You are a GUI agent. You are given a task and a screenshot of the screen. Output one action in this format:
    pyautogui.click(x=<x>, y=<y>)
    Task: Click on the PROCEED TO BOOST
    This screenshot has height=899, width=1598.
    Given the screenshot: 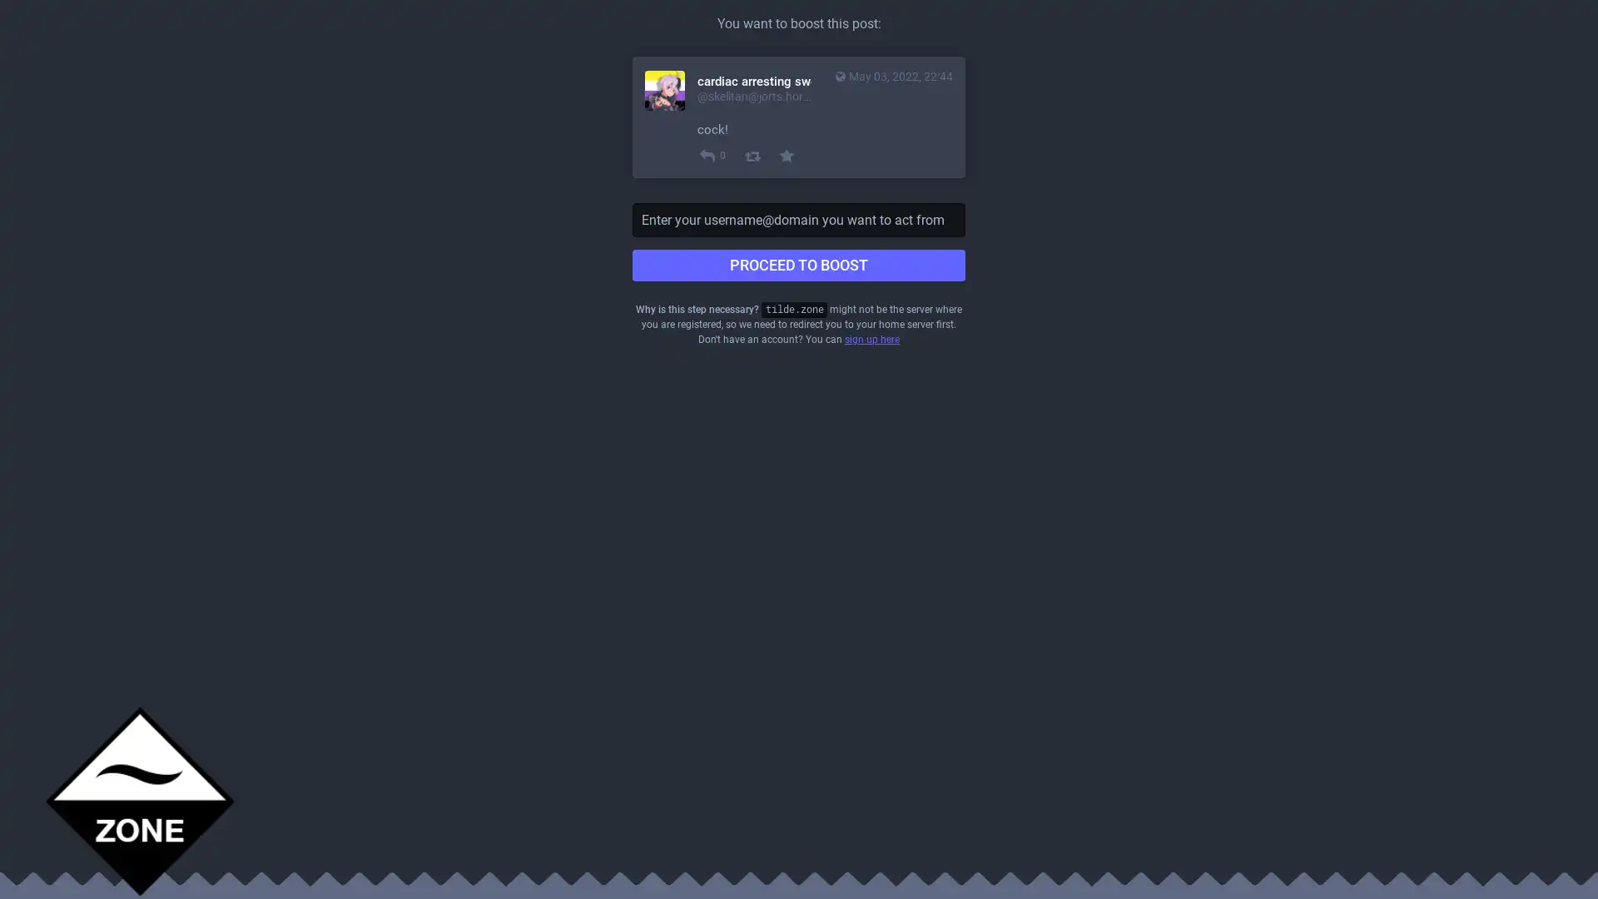 What is the action you would take?
    pyautogui.click(x=799, y=265)
    